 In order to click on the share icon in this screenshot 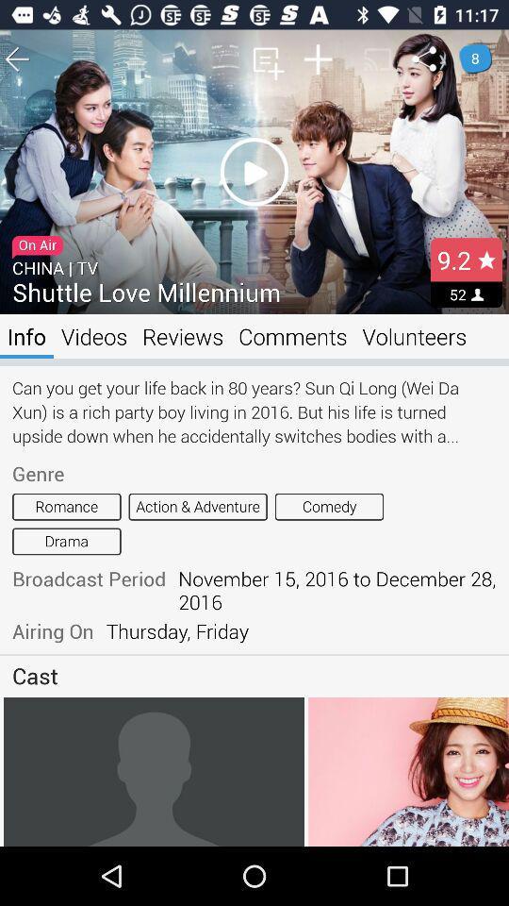, I will do `click(424, 59)`.